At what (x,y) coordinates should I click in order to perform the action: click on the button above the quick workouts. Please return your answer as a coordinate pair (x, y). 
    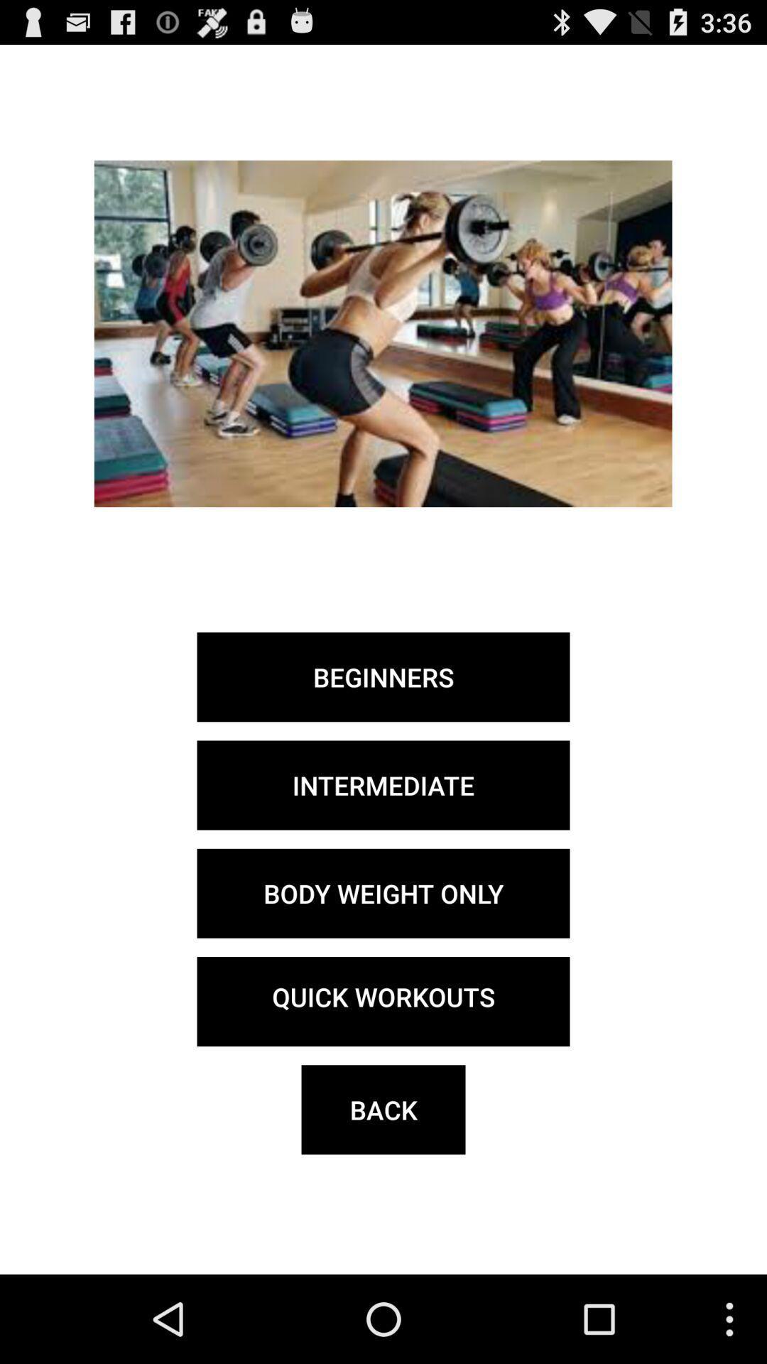
    Looking at the image, I should click on (383, 892).